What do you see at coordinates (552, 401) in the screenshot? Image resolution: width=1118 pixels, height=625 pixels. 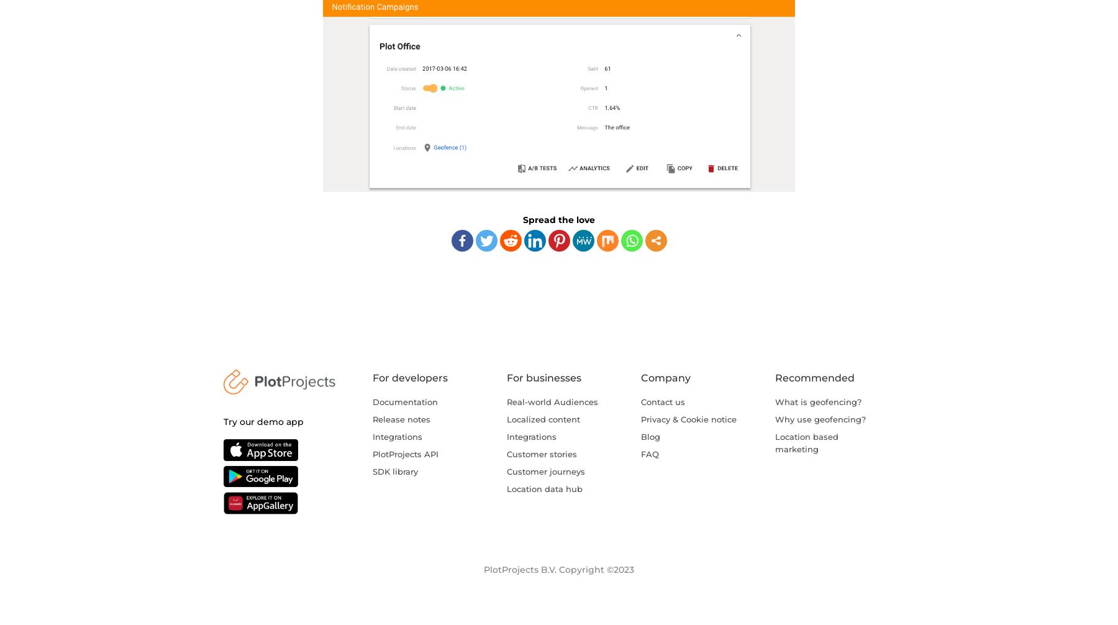 I see `'Real-world Audiences'` at bounding box center [552, 401].